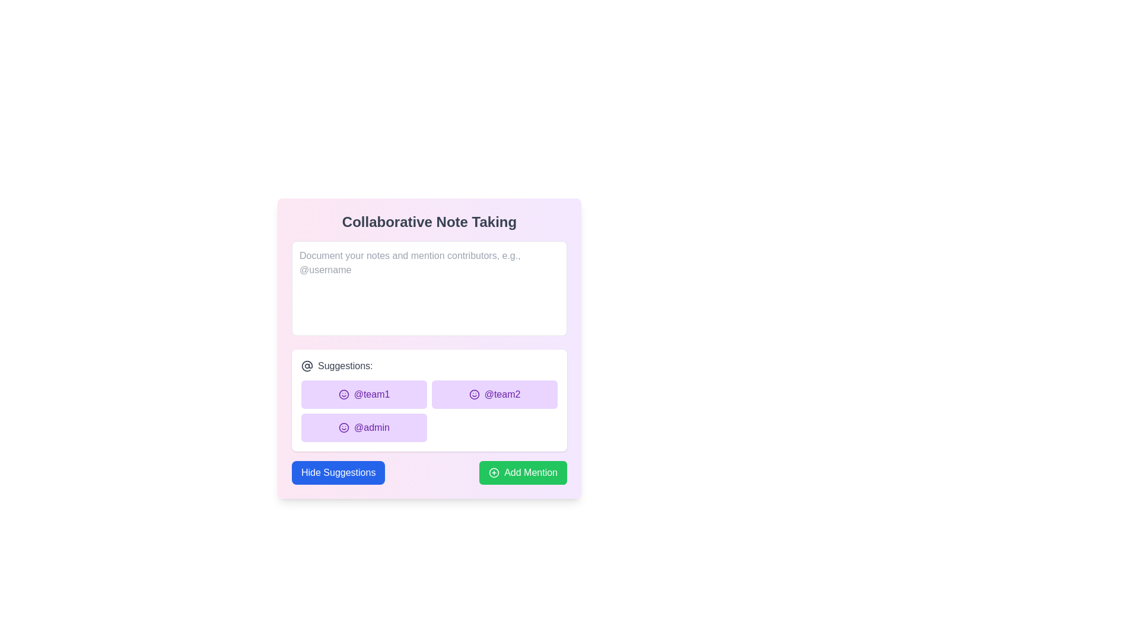  I want to click on the decorative SVG circle element that is part of the 'Add Mention' button area, which is aligned with a green button in the interface, so click(494, 472).